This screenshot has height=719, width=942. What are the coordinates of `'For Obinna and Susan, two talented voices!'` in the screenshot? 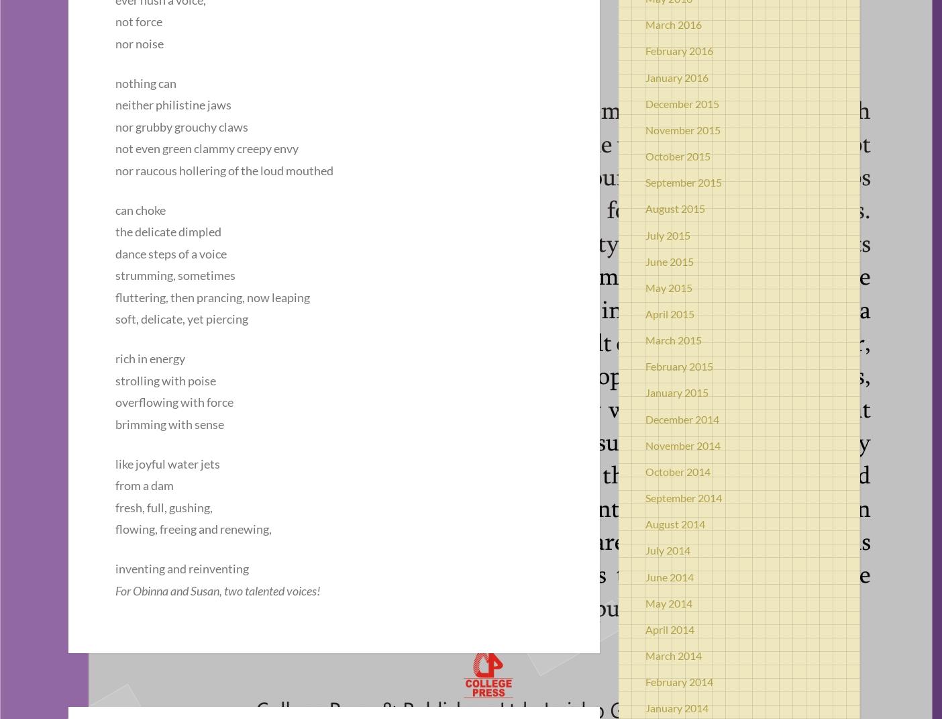 It's located at (218, 589).